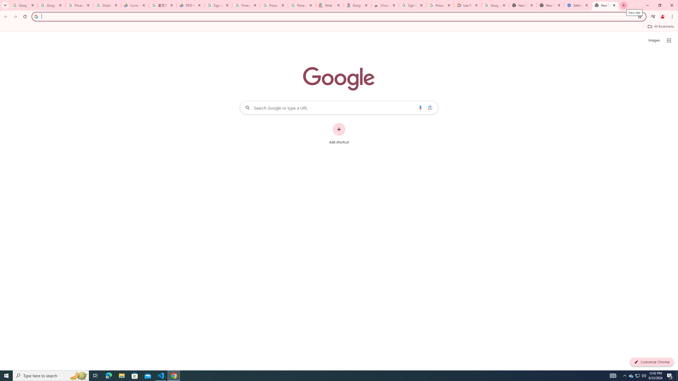 This screenshot has width=678, height=381. I want to click on 'Sign in - Google Accounts', so click(218, 5).